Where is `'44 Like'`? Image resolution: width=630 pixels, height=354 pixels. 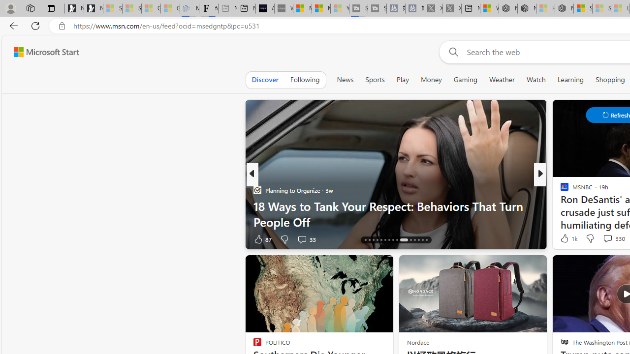 '44 Like' is located at coordinates (566, 239).